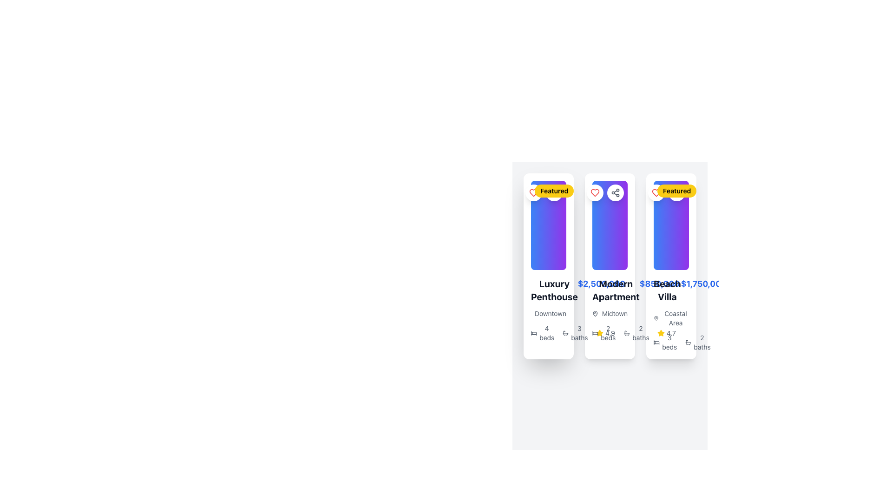  Describe the element at coordinates (671, 342) in the screenshot. I see `the '3 beds' label with a bed icon located at the bottom left of the 'Beach Villa' card, under the 'Coastal Area' label` at that location.